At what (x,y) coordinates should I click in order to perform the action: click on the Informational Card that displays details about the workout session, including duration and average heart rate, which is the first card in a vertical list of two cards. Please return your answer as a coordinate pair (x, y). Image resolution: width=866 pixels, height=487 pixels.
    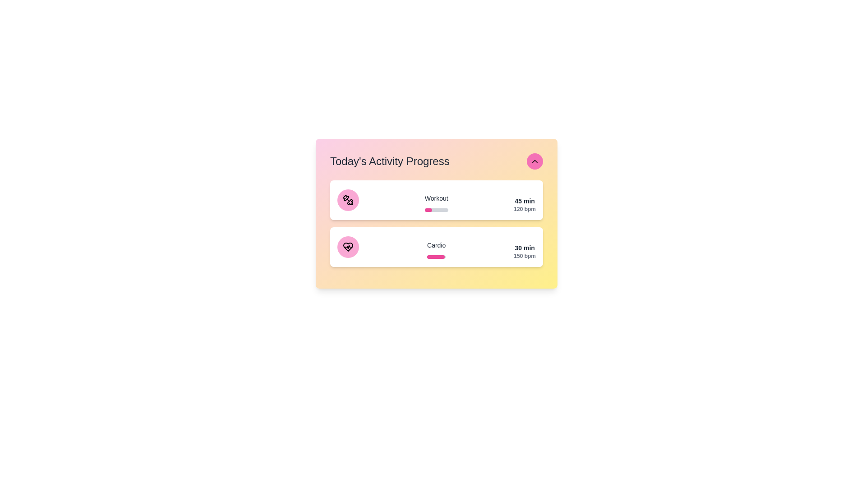
    Looking at the image, I should click on (437, 199).